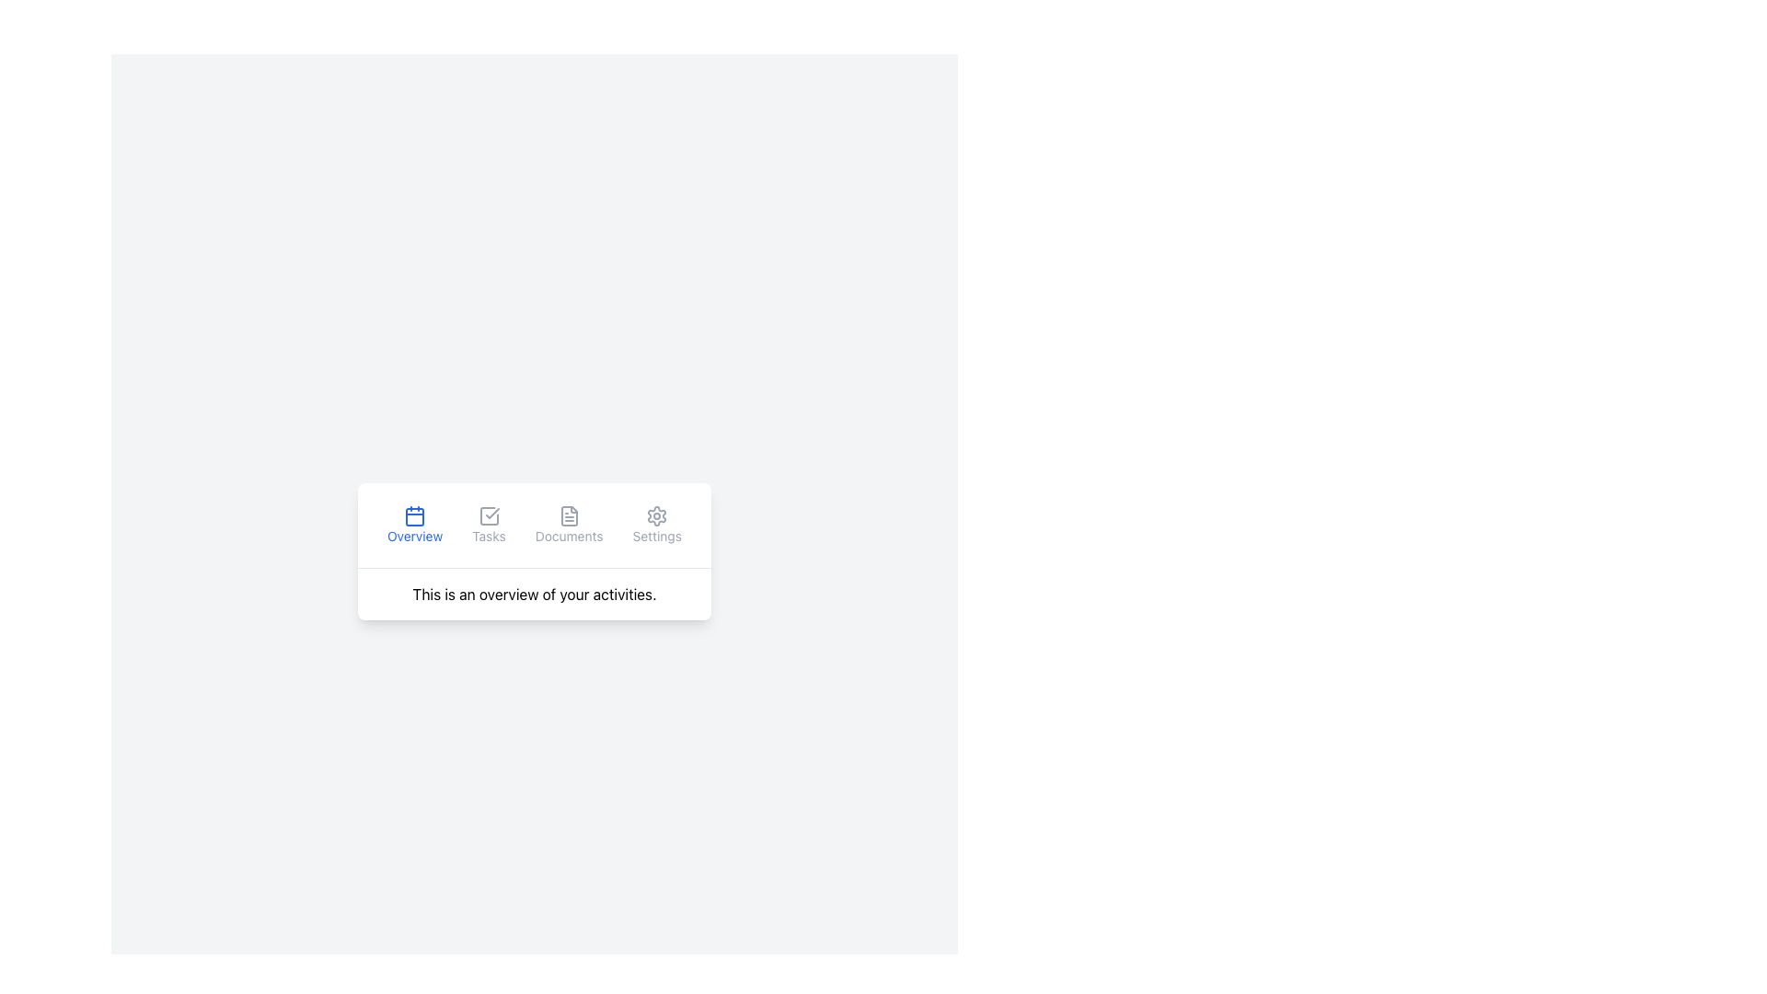 This screenshot has width=1767, height=994. Describe the element at coordinates (533, 525) in the screenshot. I see `the 'Documents' section of the Navigation Bar` at that location.